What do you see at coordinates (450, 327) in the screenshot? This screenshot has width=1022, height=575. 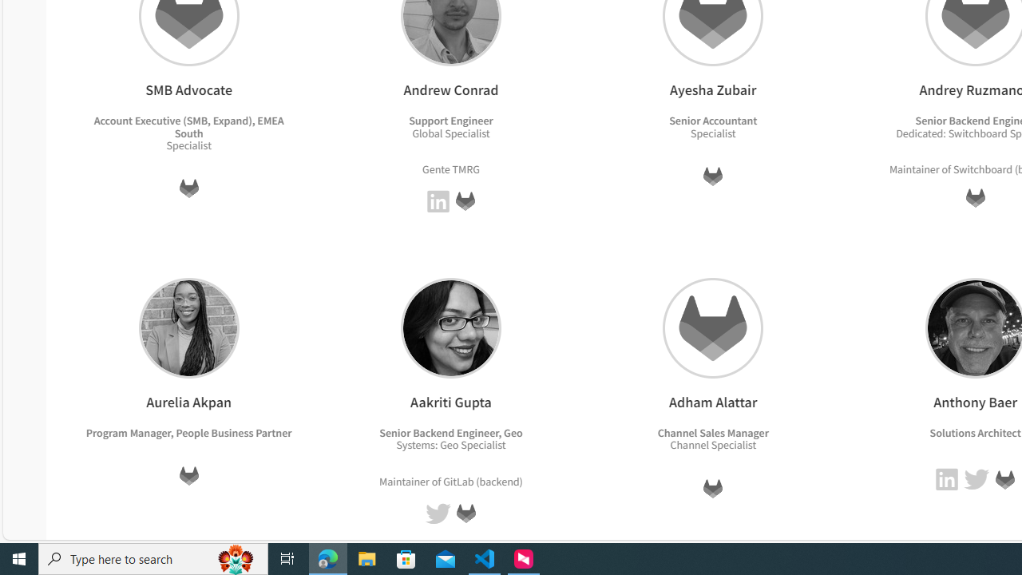 I see `'Aakriti Gupta'` at bounding box center [450, 327].